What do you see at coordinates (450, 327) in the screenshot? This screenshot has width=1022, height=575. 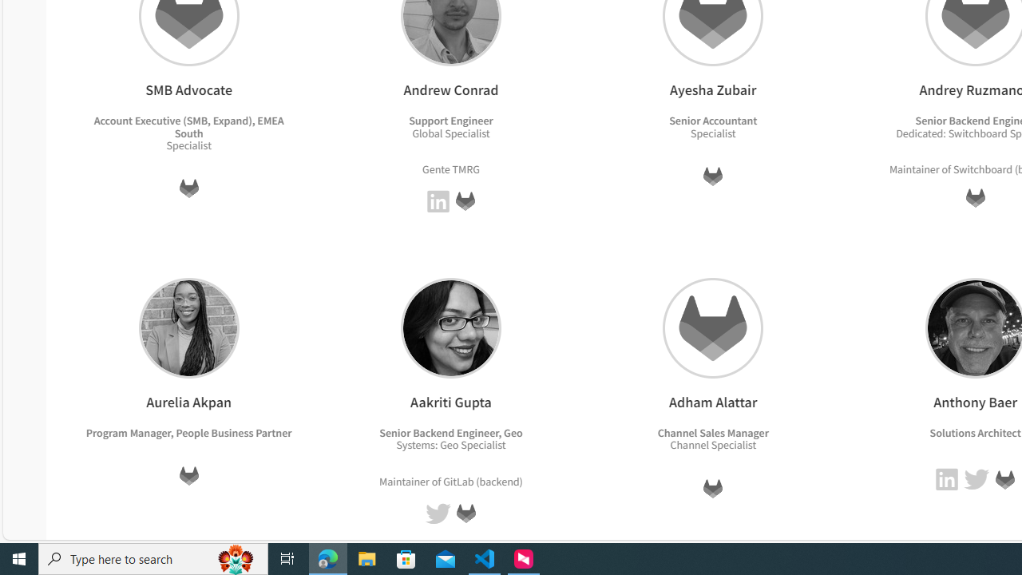 I see `'Aakriti Gupta'` at bounding box center [450, 327].